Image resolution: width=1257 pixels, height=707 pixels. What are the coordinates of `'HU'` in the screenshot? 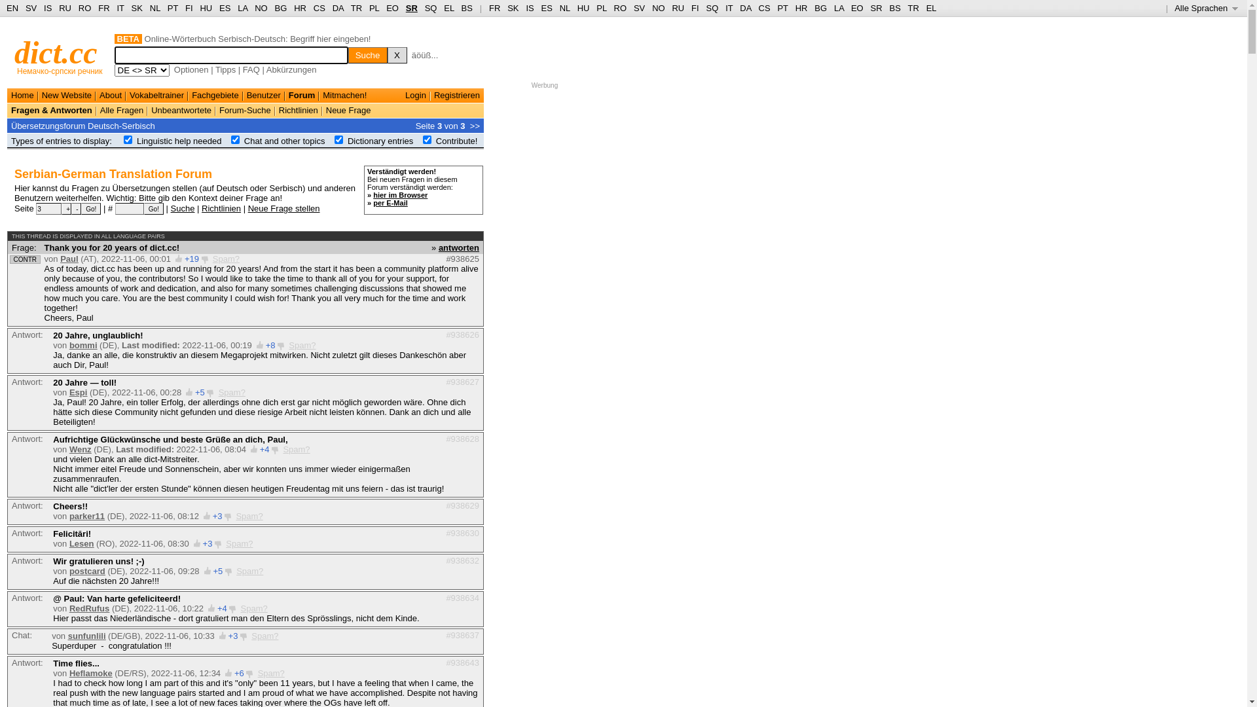 It's located at (583, 8).